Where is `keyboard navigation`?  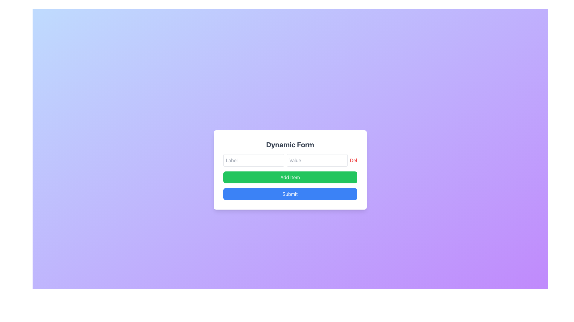
keyboard navigation is located at coordinates (290, 194).